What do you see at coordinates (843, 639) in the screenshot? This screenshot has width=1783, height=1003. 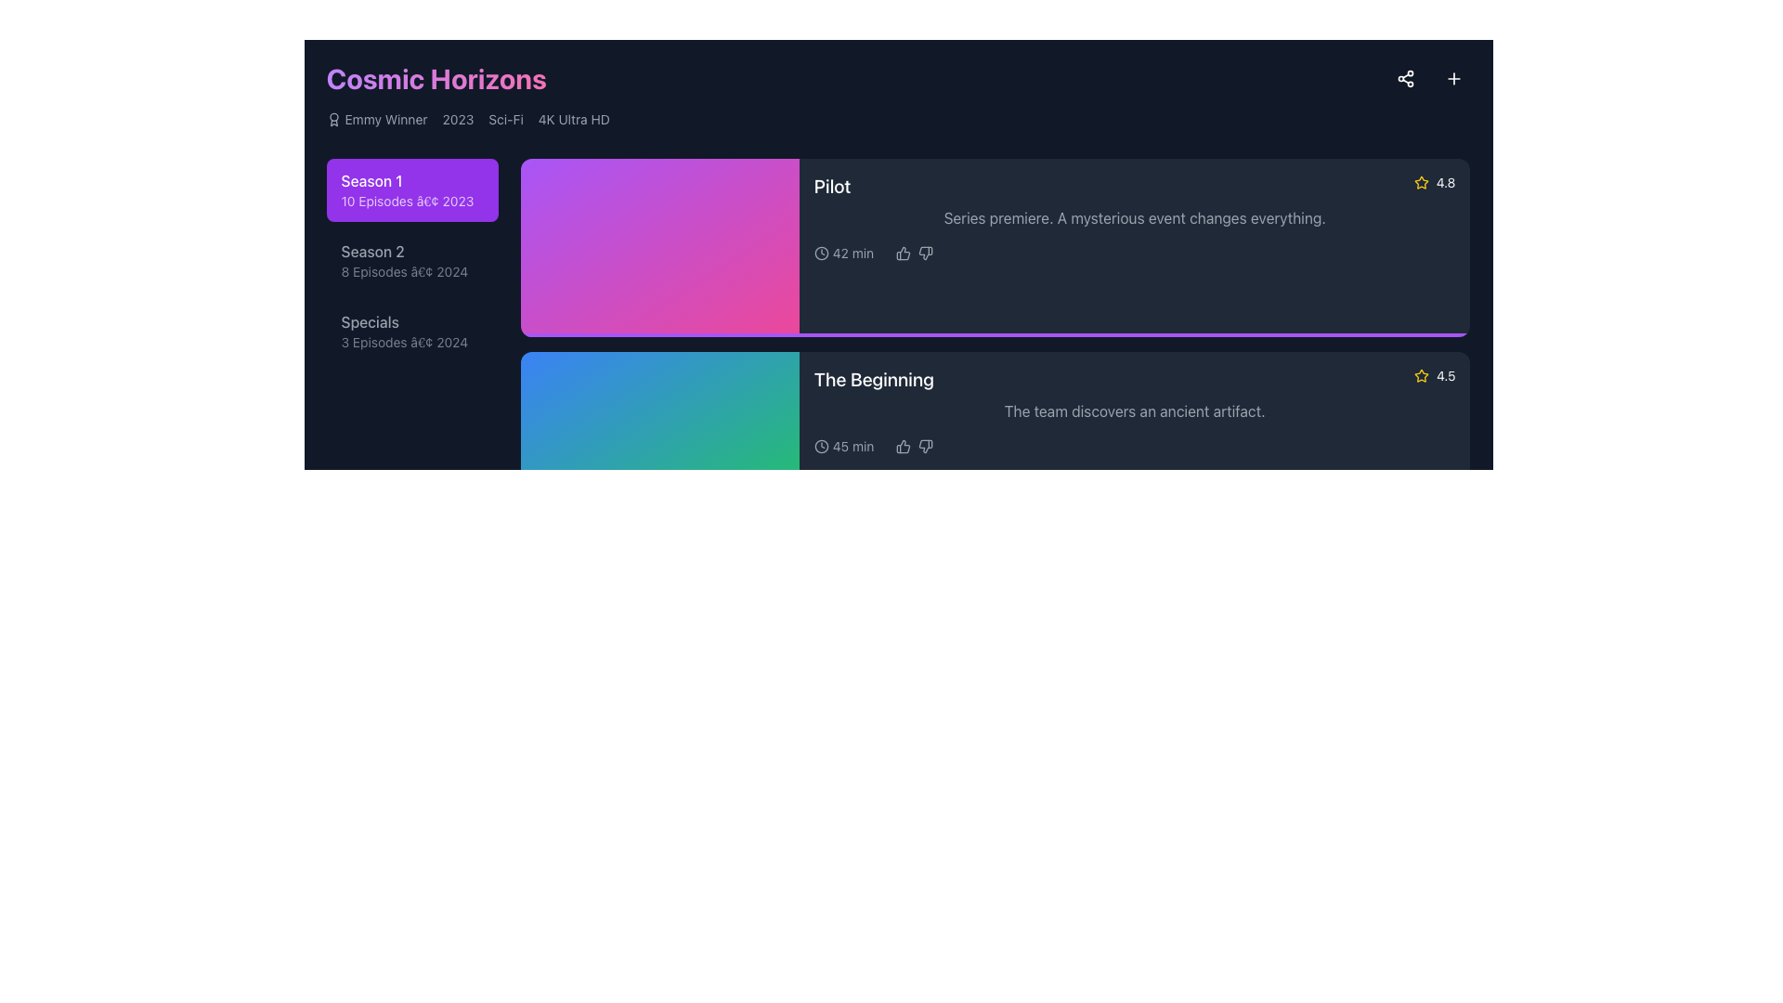 I see `the Duration indicator located in the lower-left corner of the card titled 'The Beginning', next to the thumbs-up and thumbs-down icons` at bounding box center [843, 639].